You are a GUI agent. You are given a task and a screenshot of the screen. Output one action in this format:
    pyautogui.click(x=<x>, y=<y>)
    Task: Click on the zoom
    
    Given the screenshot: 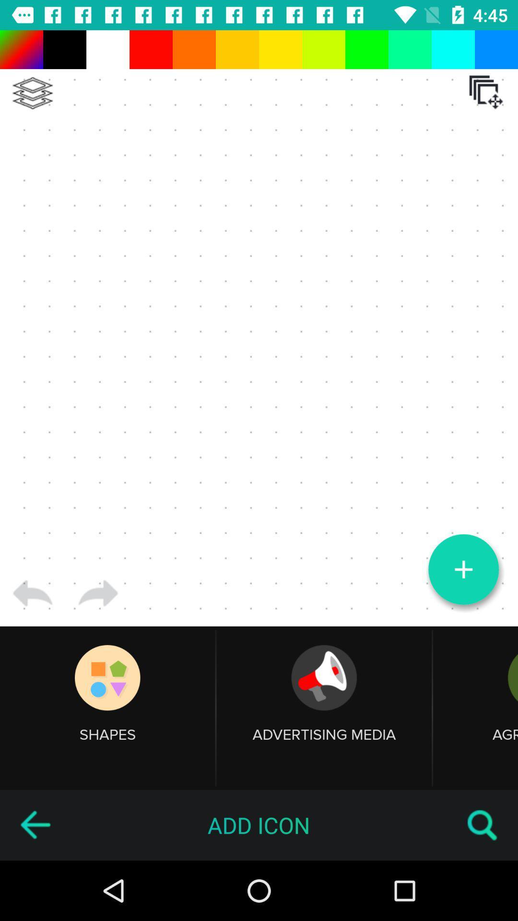 What is the action you would take?
    pyautogui.click(x=463, y=569)
    